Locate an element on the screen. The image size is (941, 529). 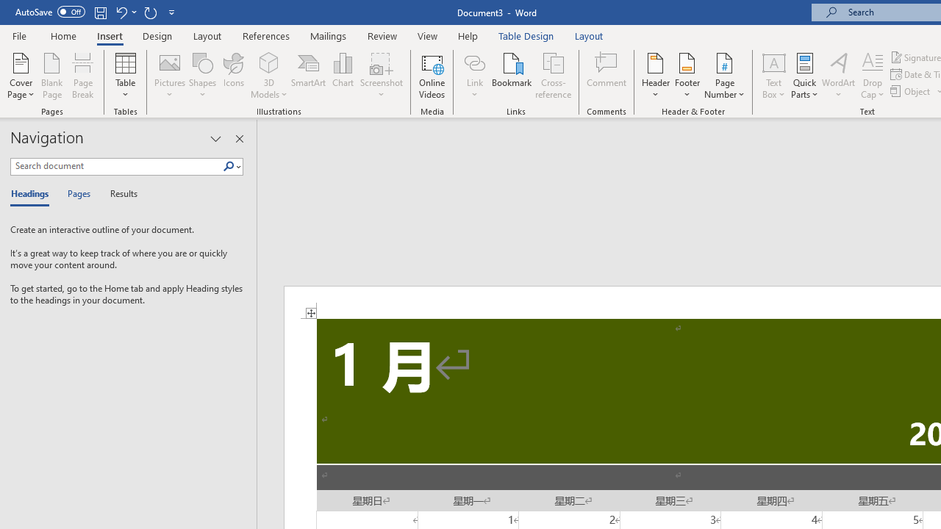
'AutoSave' is located at coordinates (50, 12).